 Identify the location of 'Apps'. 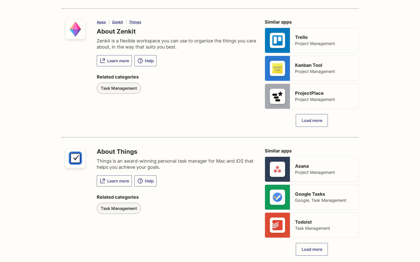
(101, 22).